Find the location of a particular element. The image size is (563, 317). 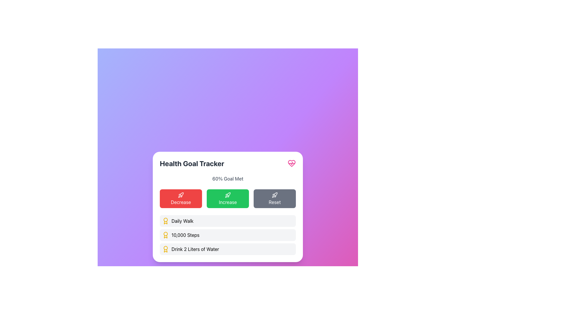

the heart with pulse icon located at the top-right corner of the 'Health Goal Tracker' header is located at coordinates (291, 163).